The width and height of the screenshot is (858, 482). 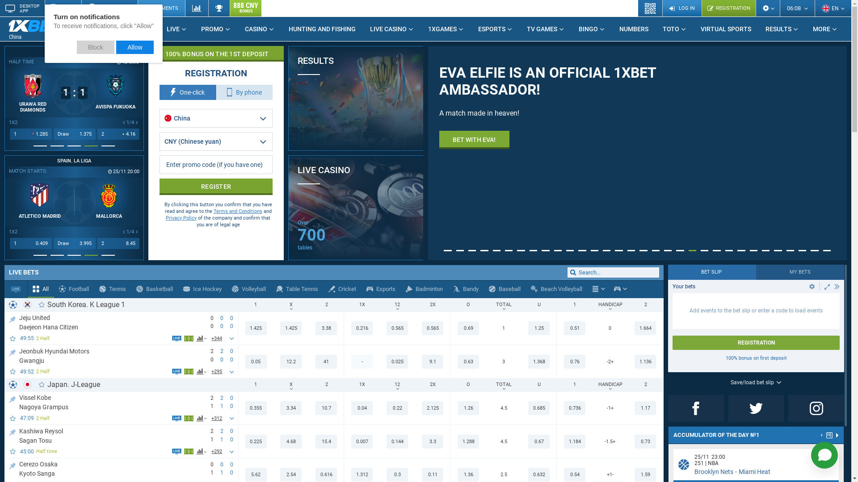 What do you see at coordinates (420, 29) in the screenshot?
I see `'1XGAMES'` at bounding box center [420, 29].